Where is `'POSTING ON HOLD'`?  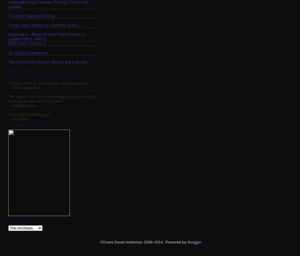 'POSTING ON HOLD' is located at coordinates (27, 43).